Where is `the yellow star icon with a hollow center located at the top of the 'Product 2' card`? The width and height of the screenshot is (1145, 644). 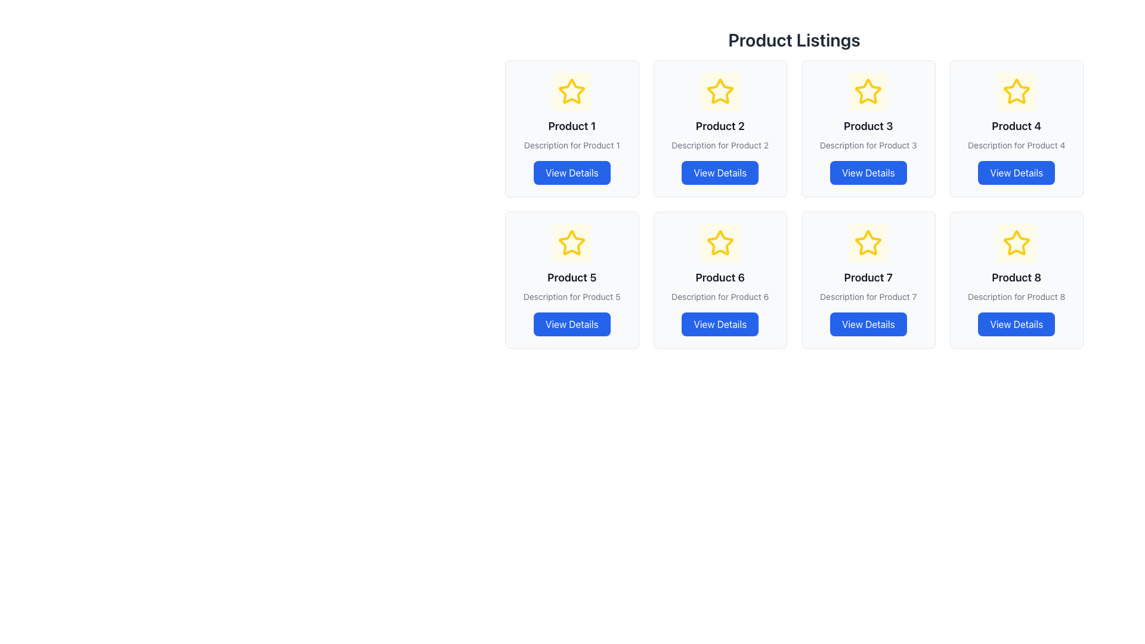
the yellow star icon with a hollow center located at the top of the 'Product 2' card is located at coordinates (719, 91).